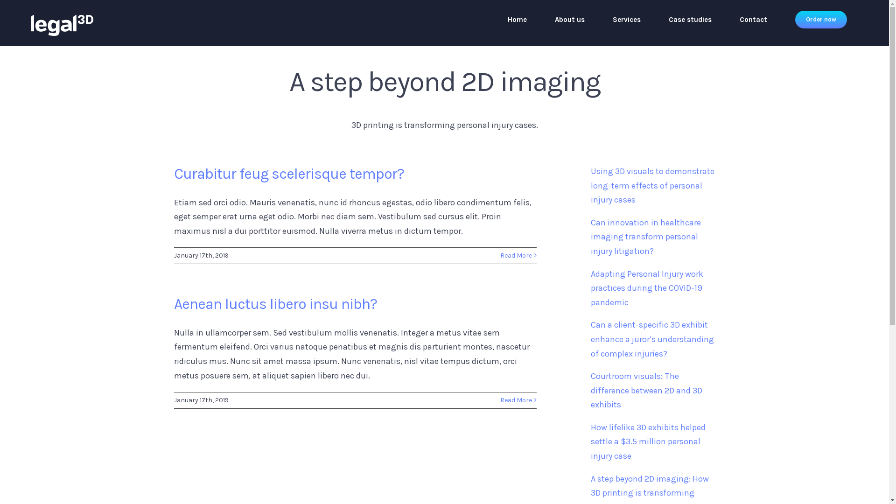 This screenshot has height=504, width=896. Describe the element at coordinates (517, 20) in the screenshot. I see `'Home'` at that location.